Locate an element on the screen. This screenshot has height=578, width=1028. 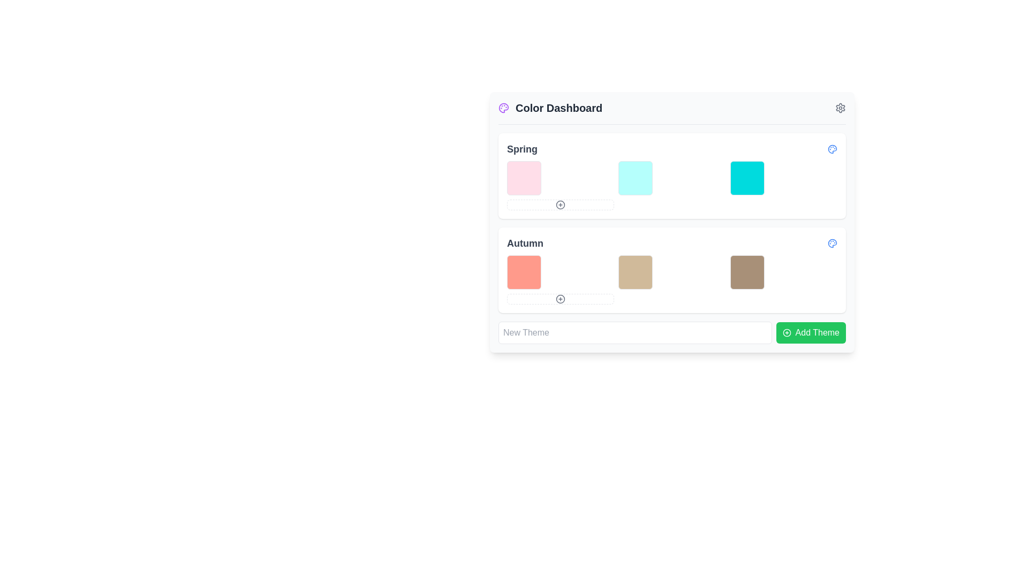
the first color display element is located at coordinates (524, 272).